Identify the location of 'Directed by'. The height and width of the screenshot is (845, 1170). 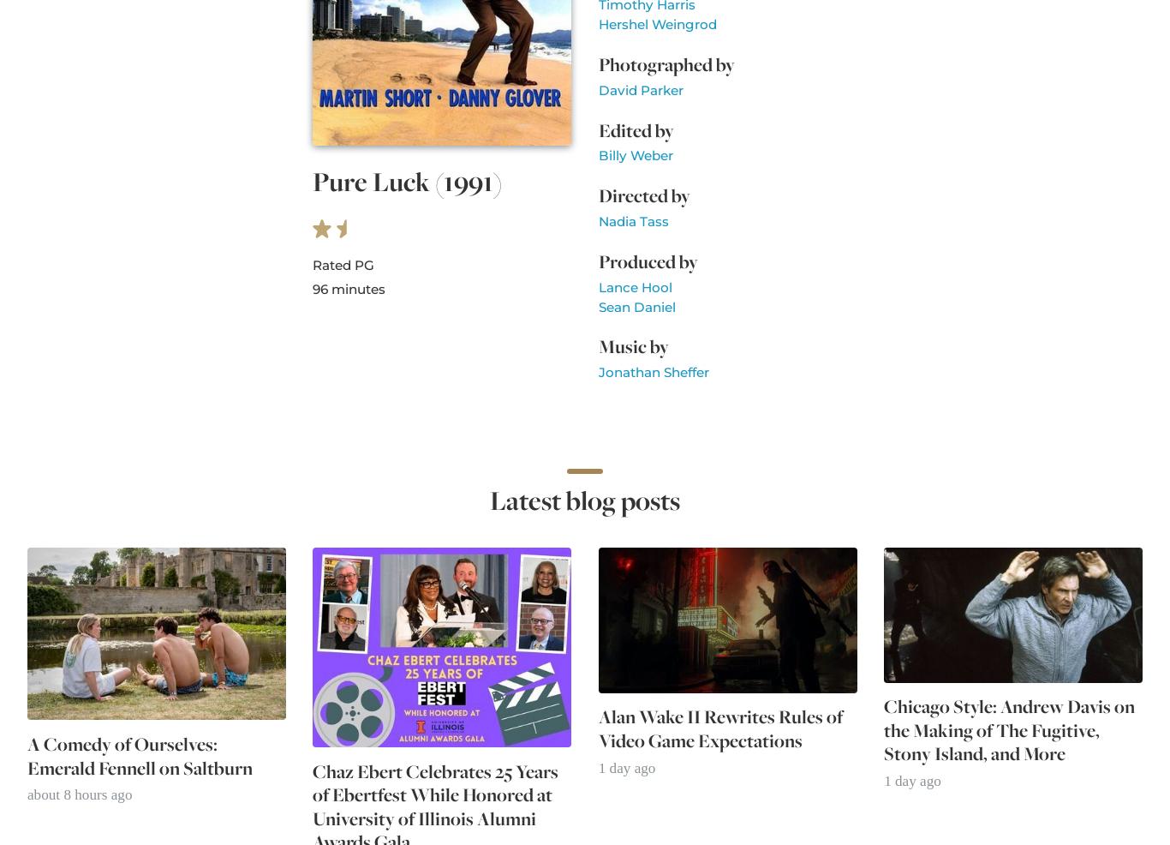
(643, 194).